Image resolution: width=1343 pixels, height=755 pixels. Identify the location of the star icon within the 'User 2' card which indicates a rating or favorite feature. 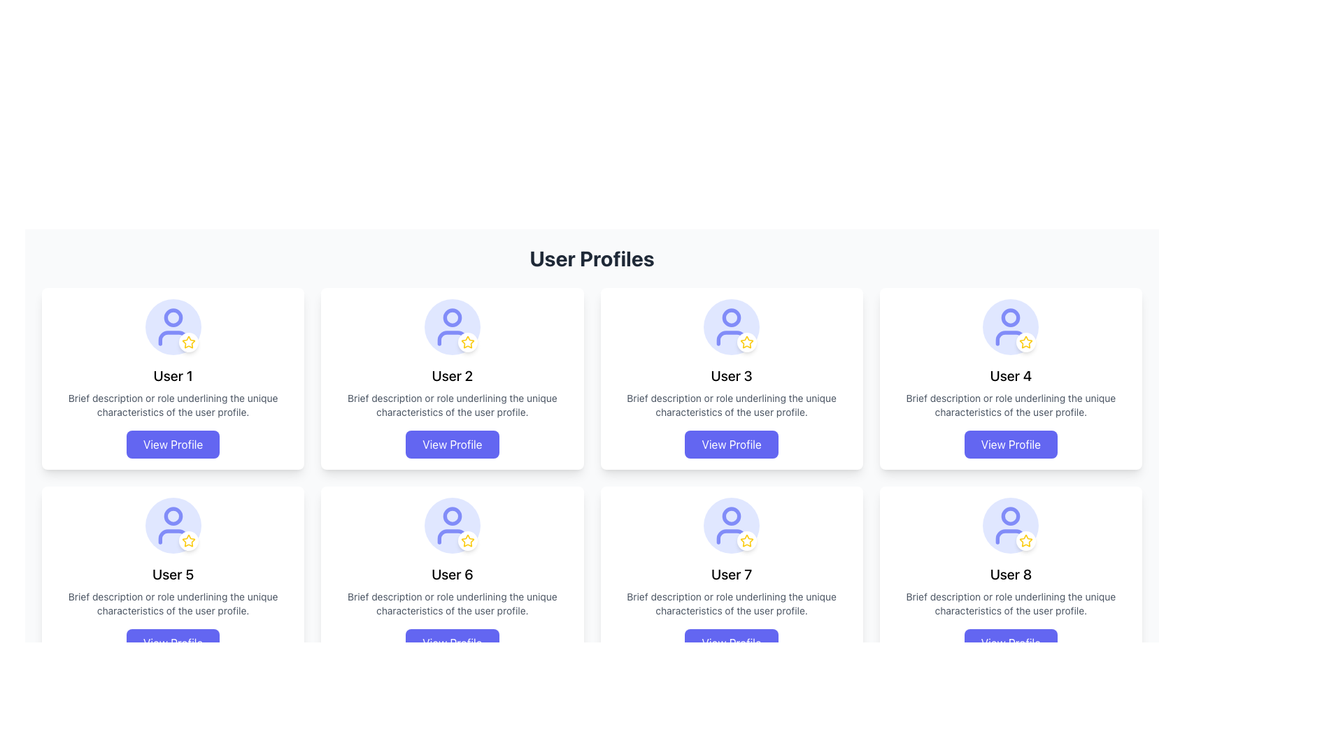
(467, 342).